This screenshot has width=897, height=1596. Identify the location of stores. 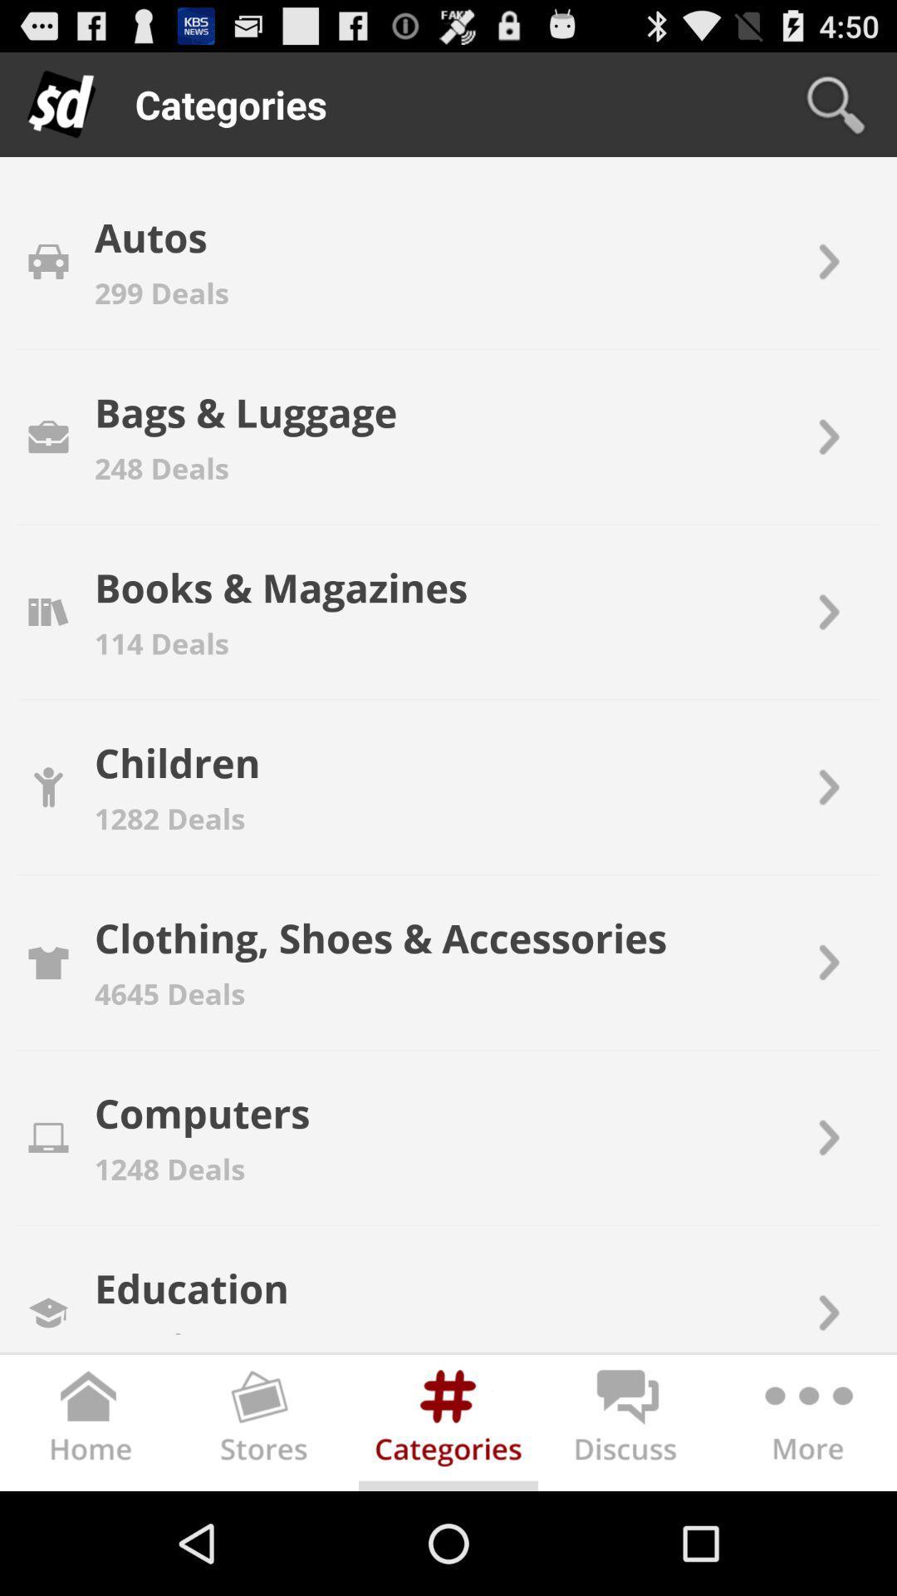
(268, 1426).